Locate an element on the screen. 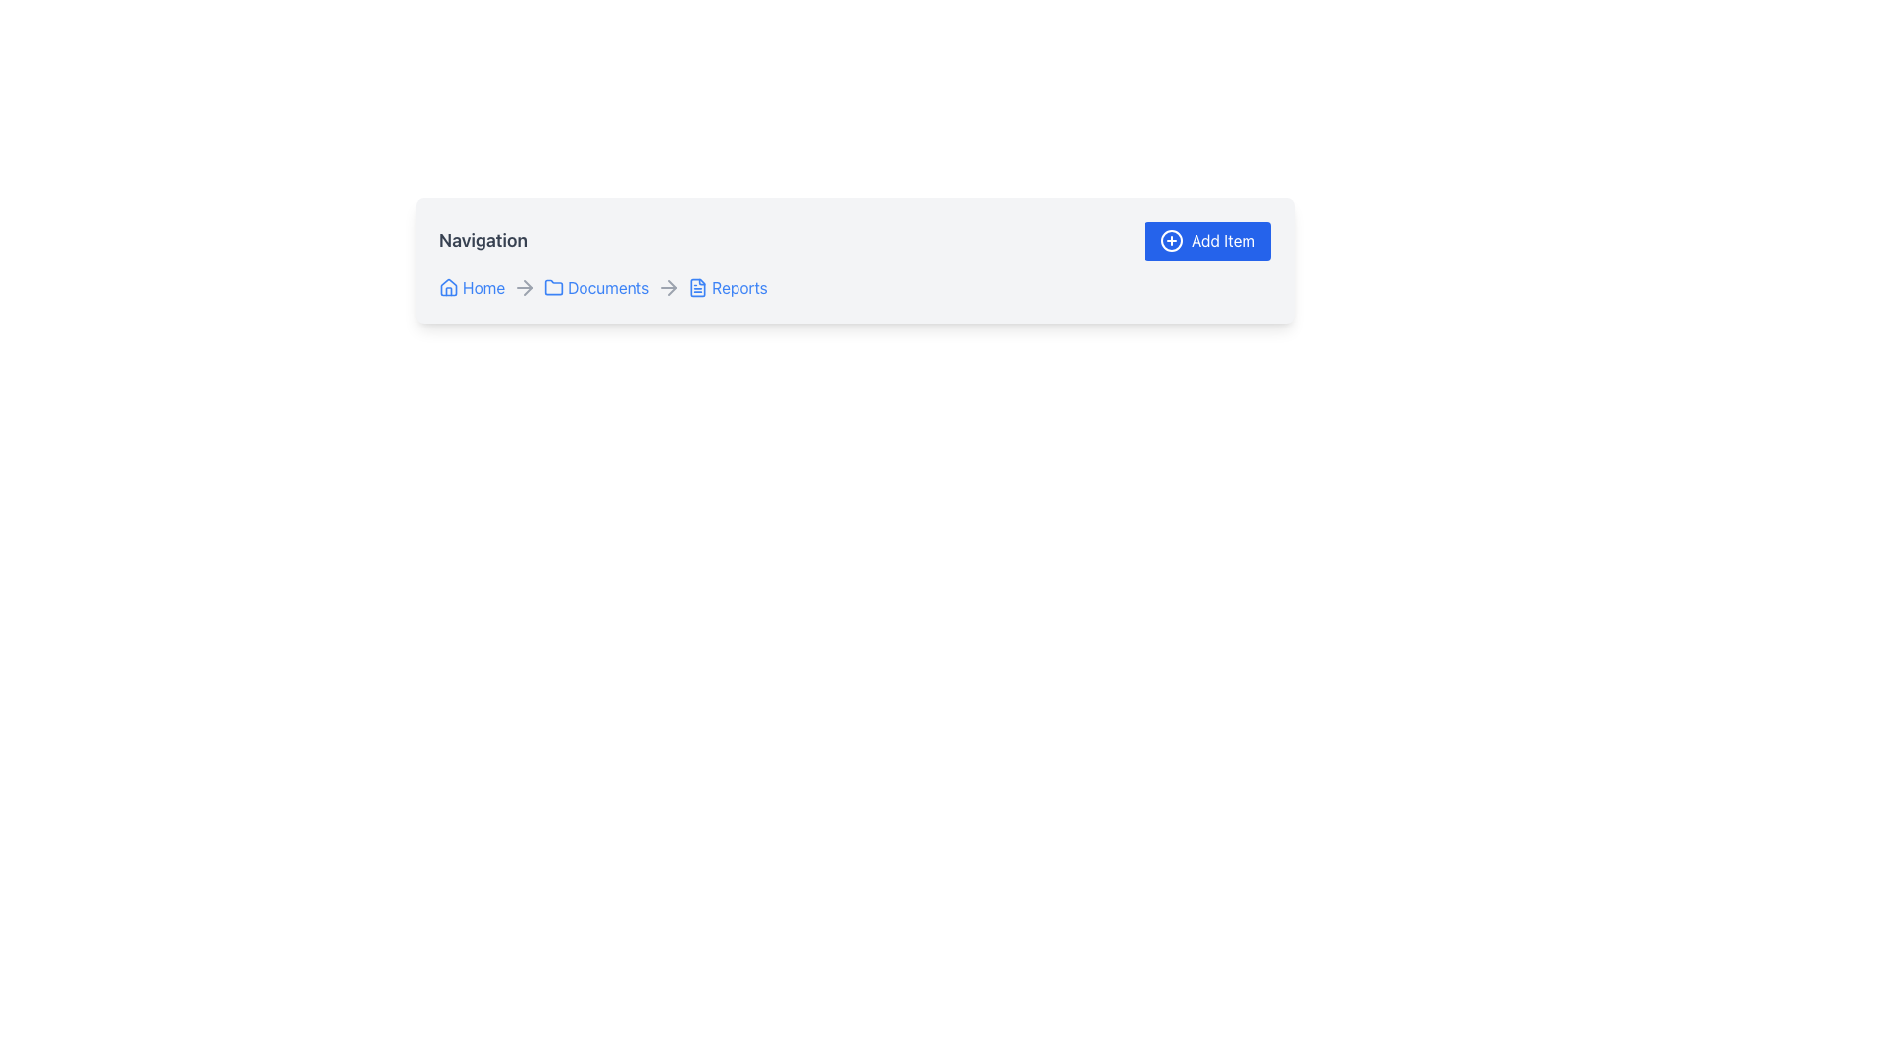 This screenshot has height=1059, width=1883. the folder icon located in the breadcrumb navigation bar, positioned between the 'Home' icon and the 'Documents' label is located at coordinates (553, 287).